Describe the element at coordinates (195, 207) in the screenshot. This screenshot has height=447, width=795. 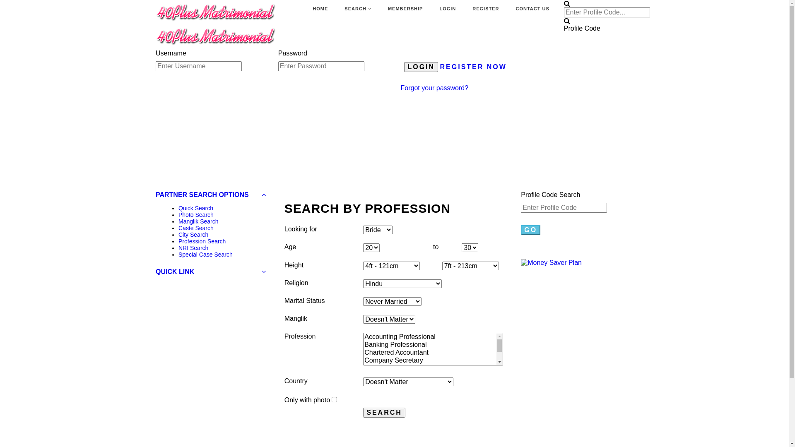
I see `'Quick Search'` at that location.